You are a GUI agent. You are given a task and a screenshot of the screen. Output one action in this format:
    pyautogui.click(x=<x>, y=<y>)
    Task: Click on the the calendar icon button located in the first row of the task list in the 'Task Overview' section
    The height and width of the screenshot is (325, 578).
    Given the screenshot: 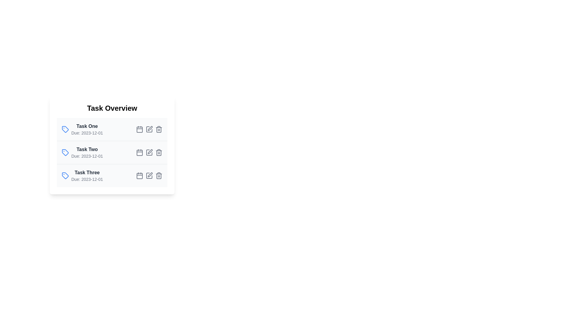 What is the action you would take?
    pyautogui.click(x=139, y=129)
    